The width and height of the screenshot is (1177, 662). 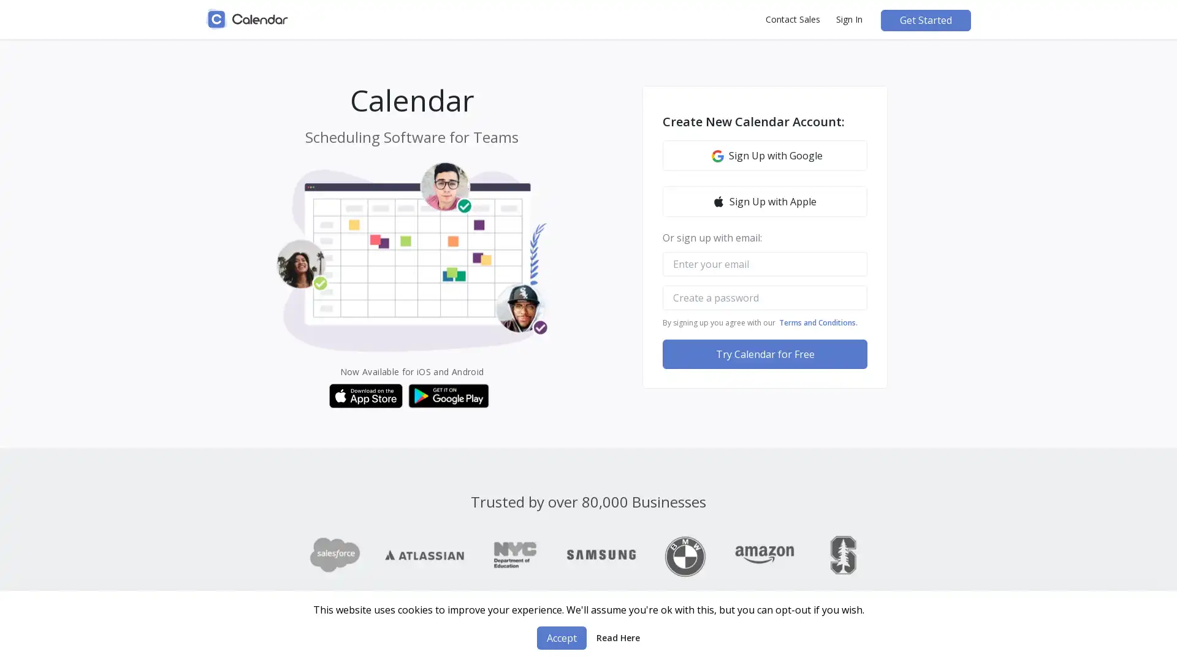 What do you see at coordinates (806, 270) in the screenshot?
I see `Close Modal` at bounding box center [806, 270].